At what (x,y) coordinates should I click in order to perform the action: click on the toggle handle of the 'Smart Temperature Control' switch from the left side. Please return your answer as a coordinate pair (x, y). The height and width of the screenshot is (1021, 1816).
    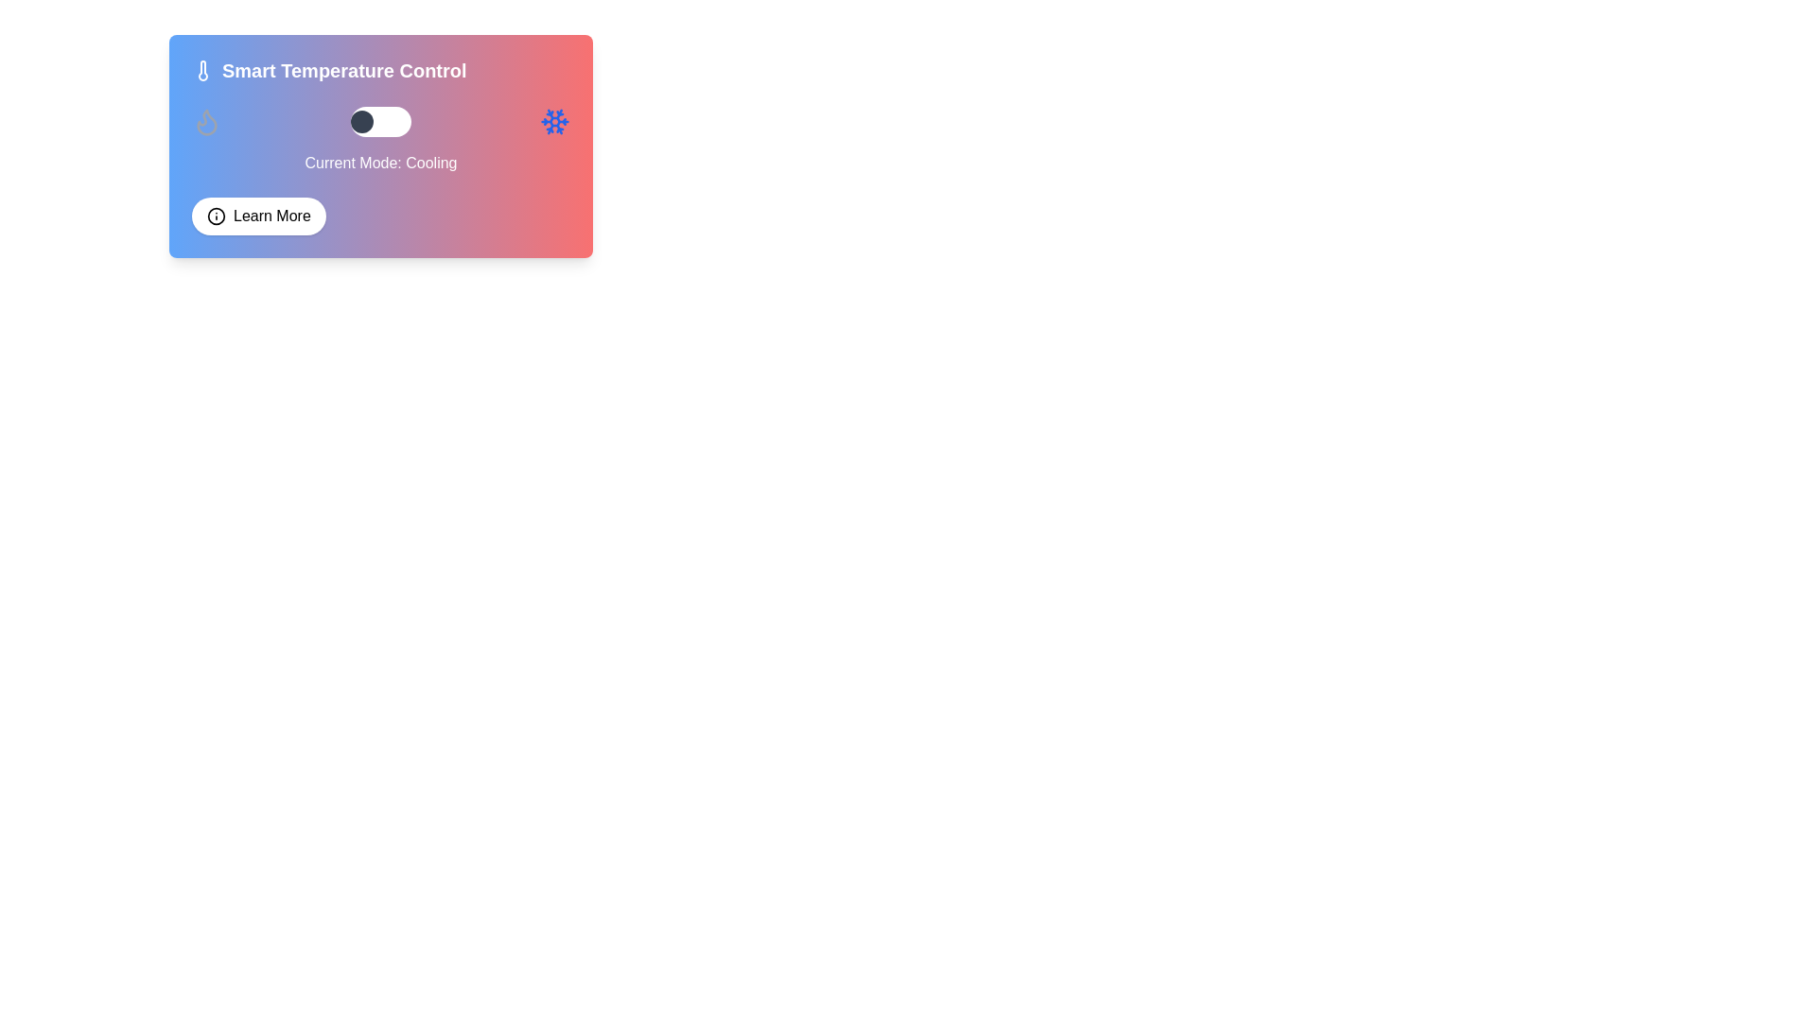
    Looking at the image, I should click on (362, 121).